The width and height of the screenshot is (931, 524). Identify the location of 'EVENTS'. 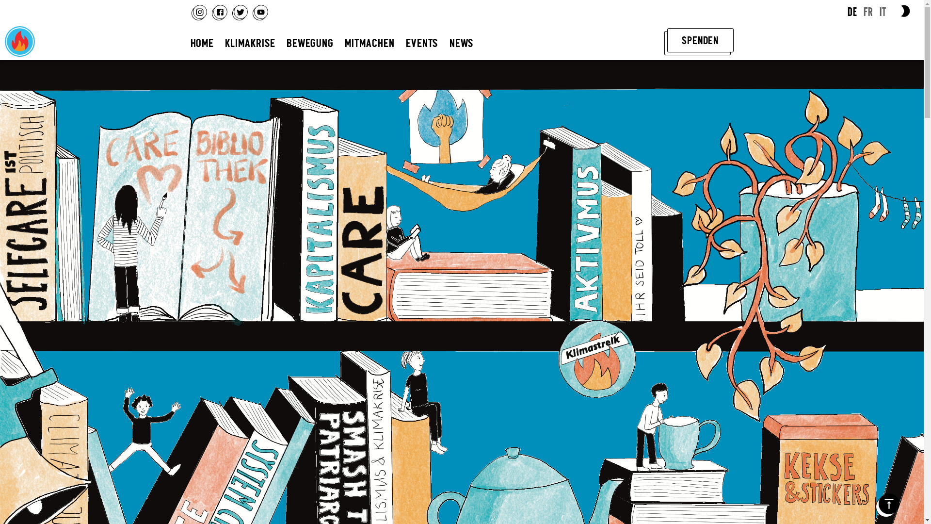
(421, 42).